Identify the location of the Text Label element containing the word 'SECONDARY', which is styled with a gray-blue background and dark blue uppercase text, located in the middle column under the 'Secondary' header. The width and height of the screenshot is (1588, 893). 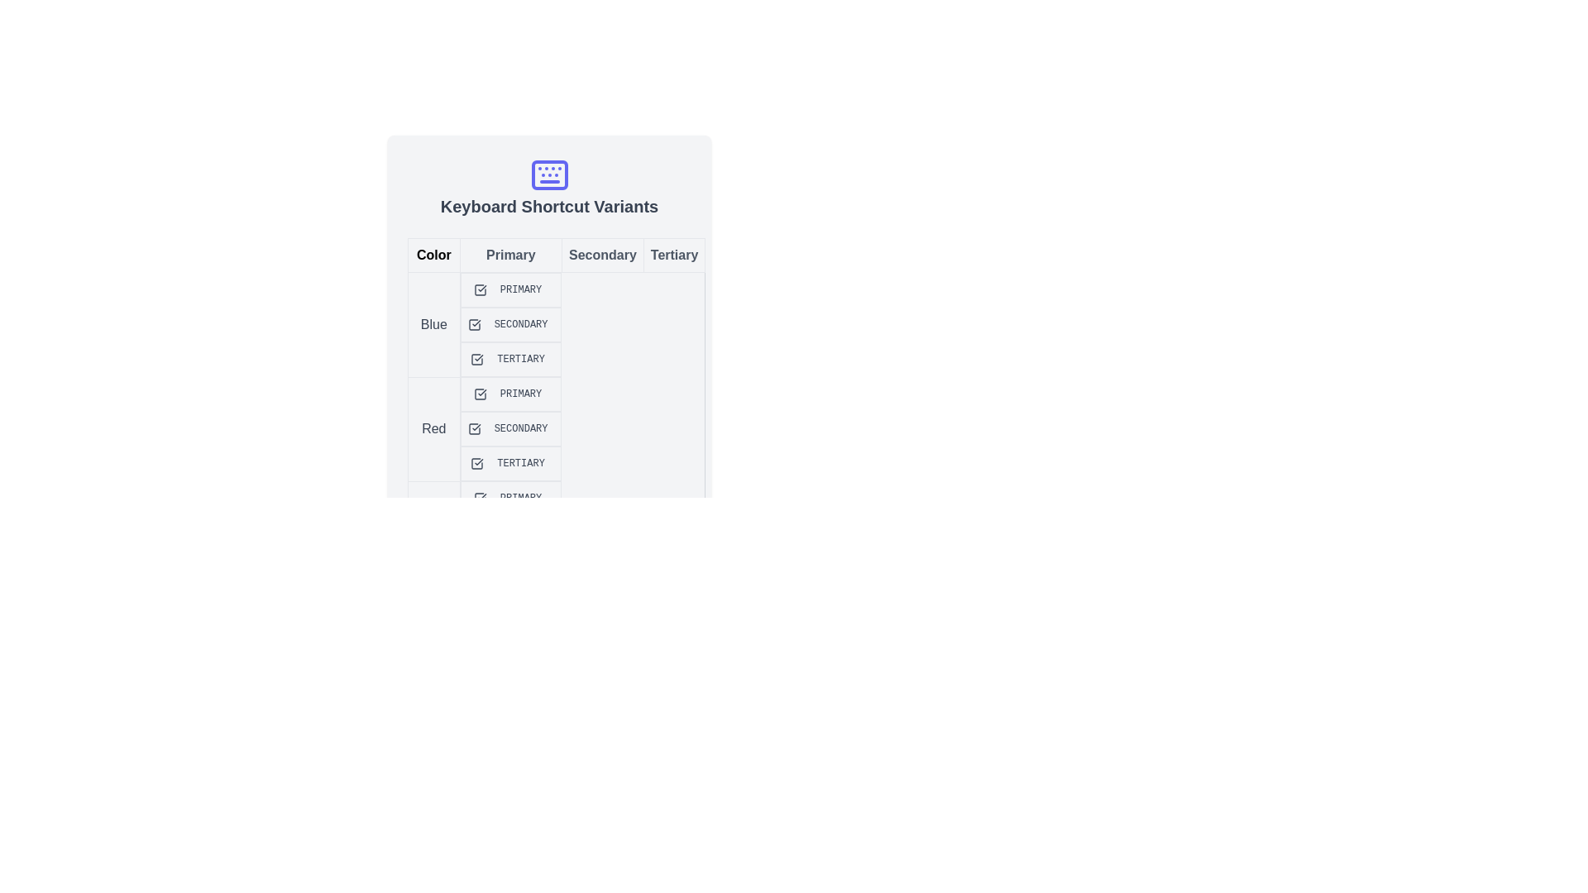
(520, 325).